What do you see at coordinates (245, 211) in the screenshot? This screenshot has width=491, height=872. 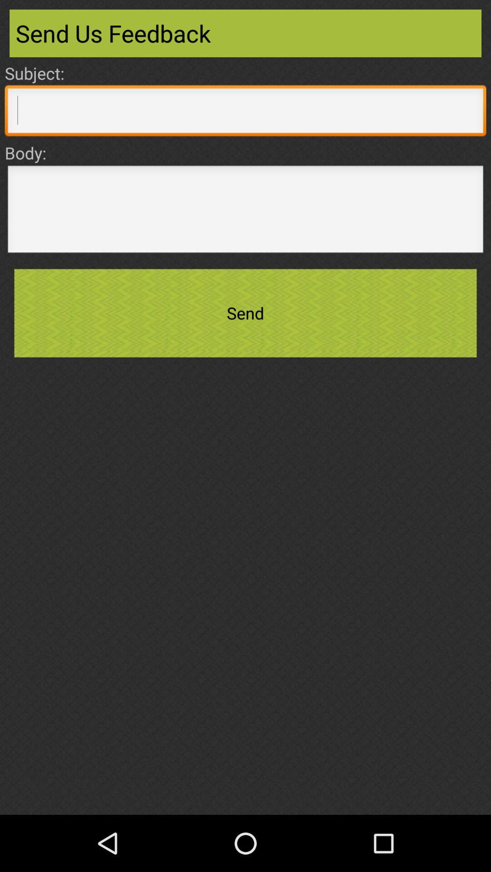 I see `input text` at bounding box center [245, 211].